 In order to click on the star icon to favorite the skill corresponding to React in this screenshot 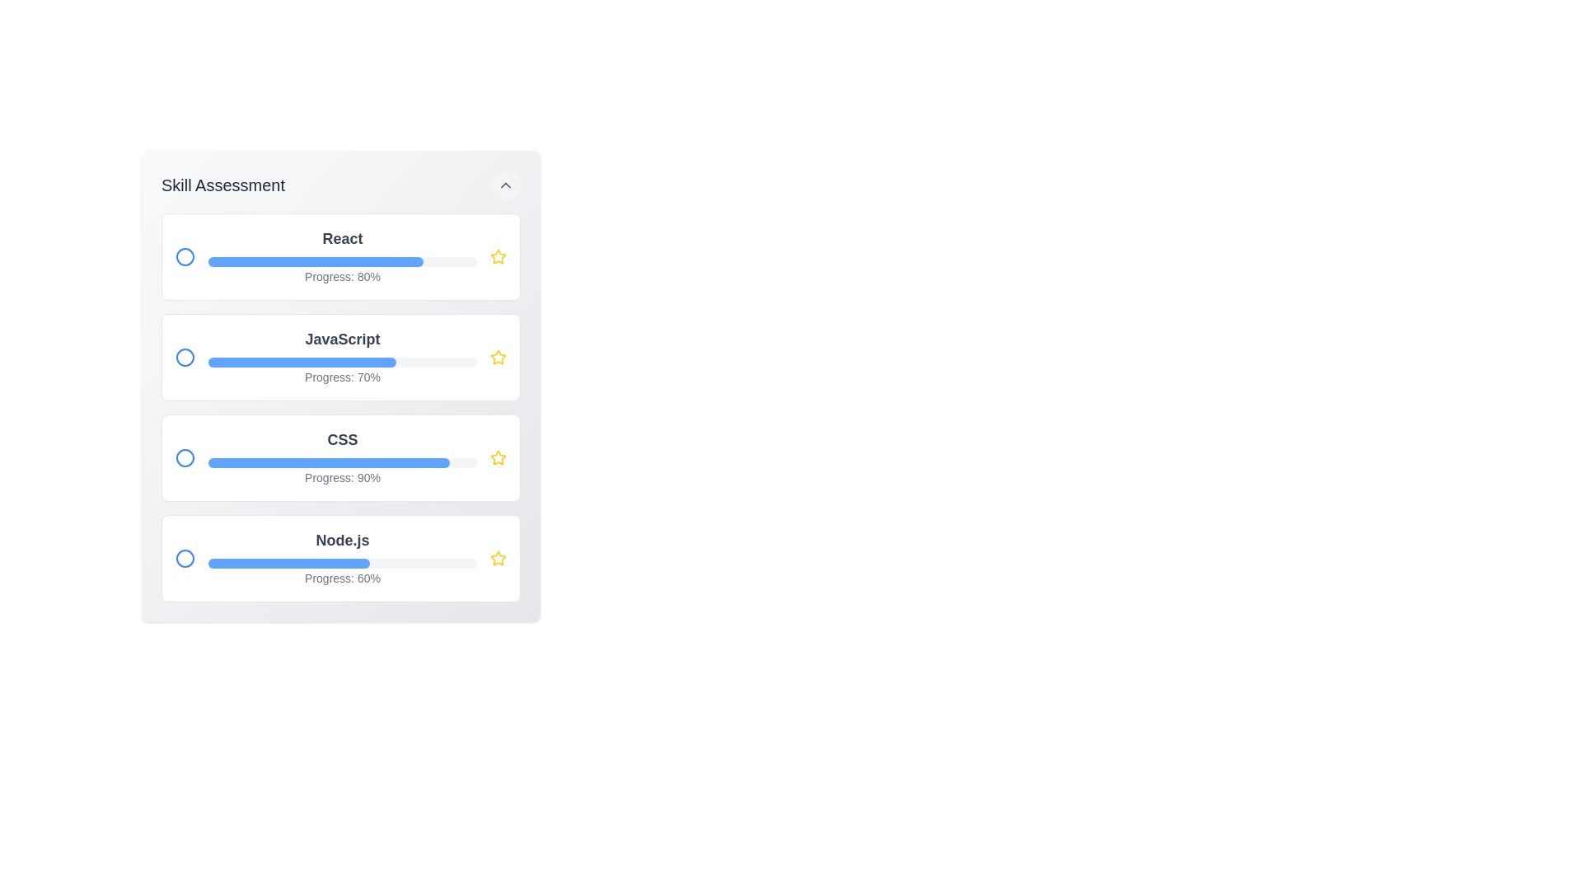, I will do `click(497, 257)`.